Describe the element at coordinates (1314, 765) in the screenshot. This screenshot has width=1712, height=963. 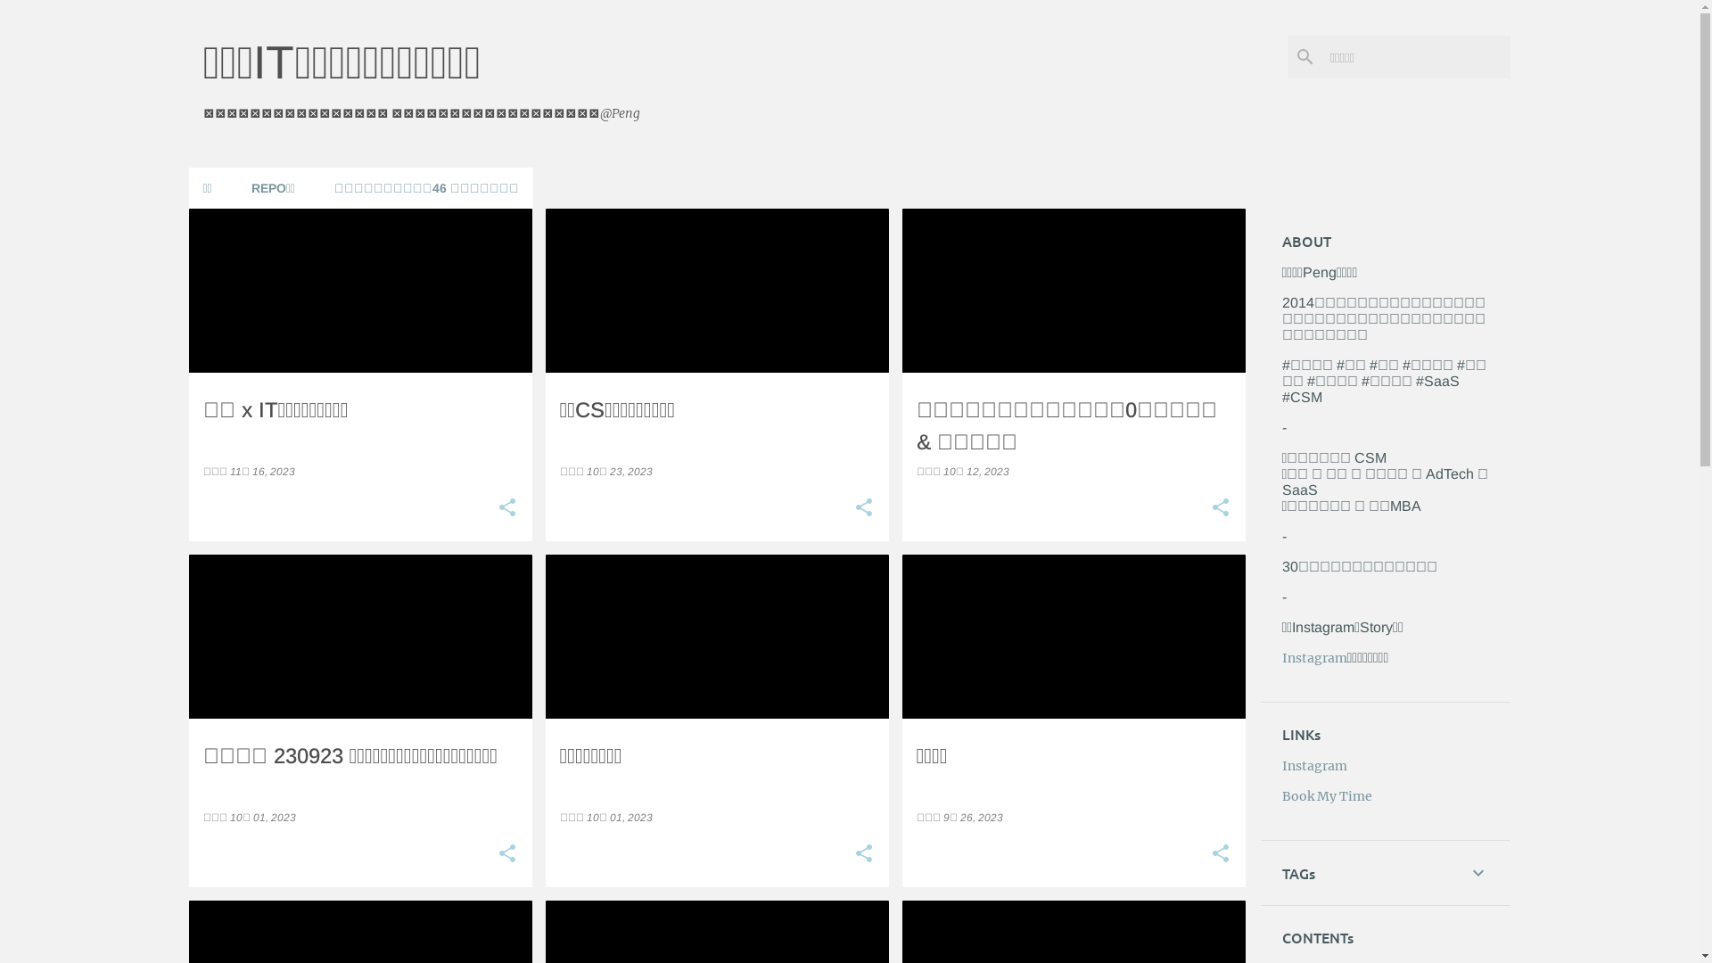
I see `'Instagram'` at that location.